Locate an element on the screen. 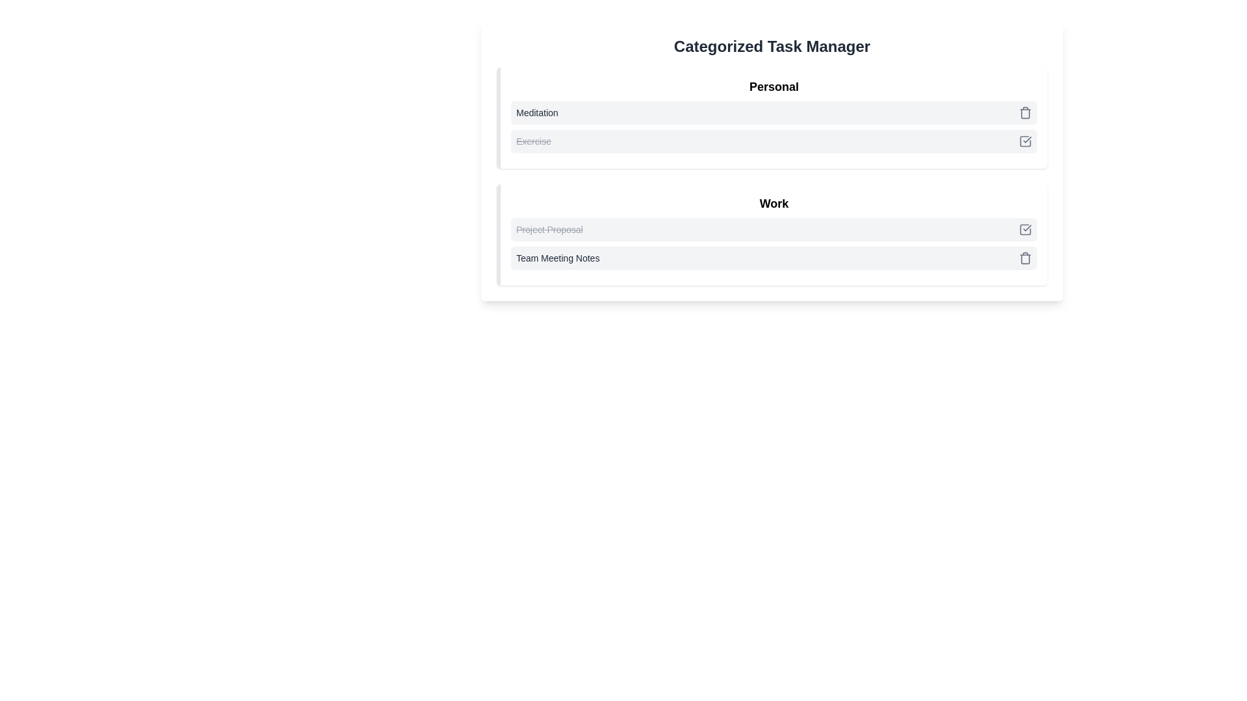 This screenshot has width=1247, height=701. the small gray square button with a checkmark inside it, located at the far right of the 'Exercise' row in the 'Personal' section, to observe the styling change is located at coordinates (1025, 141).